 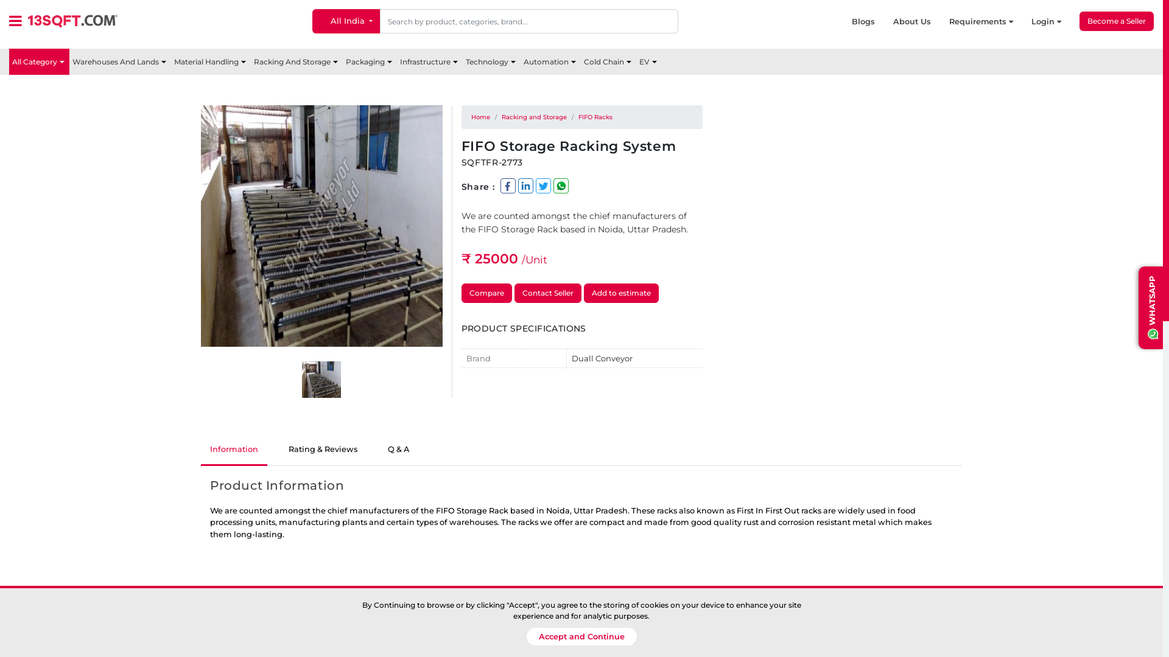 What do you see at coordinates (550, 61) in the screenshot?
I see `'Automation'` at bounding box center [550, 61].